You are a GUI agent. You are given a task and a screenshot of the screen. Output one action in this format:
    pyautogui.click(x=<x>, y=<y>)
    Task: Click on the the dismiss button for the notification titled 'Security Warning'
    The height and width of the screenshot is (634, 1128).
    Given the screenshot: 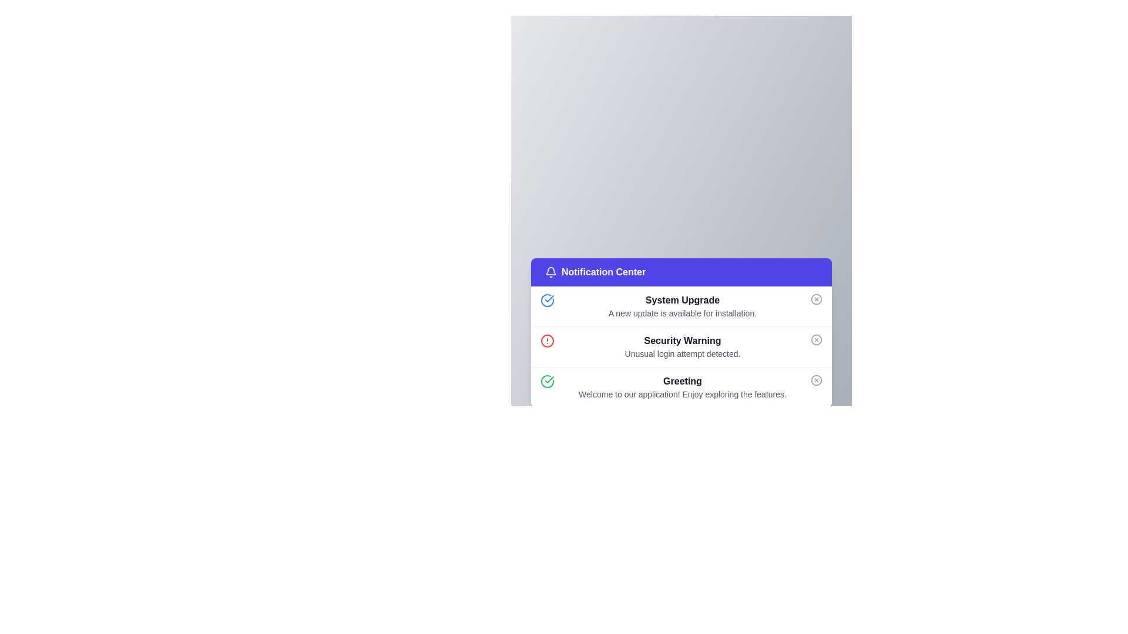 What is the action you would take?
    pyautogui.click(x=816, y=339)
    